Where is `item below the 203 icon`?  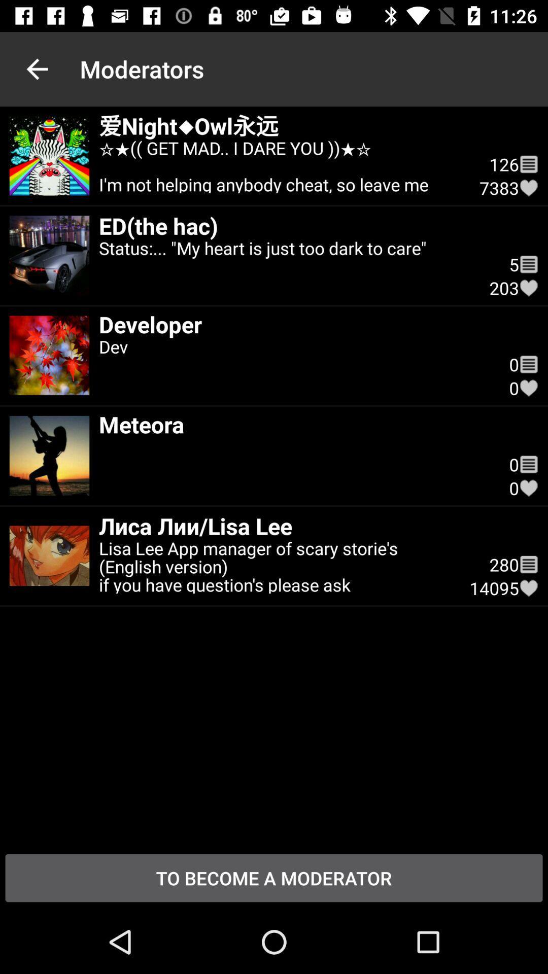 item below the 203 icon is located at coordinates (294, 324).